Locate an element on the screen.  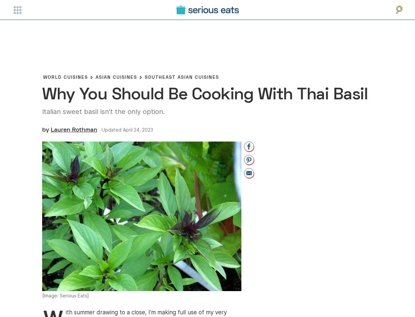
'Asian Cuisines' is located at coordinates (116, 77).